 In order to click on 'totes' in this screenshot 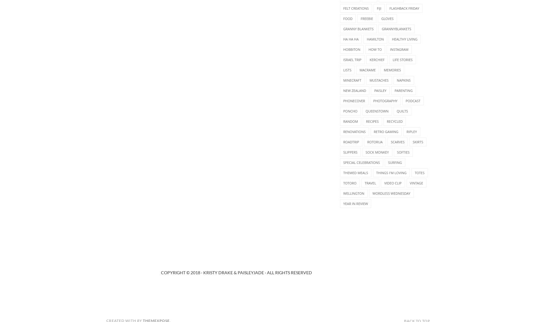, I will do `click(419, 173)`.